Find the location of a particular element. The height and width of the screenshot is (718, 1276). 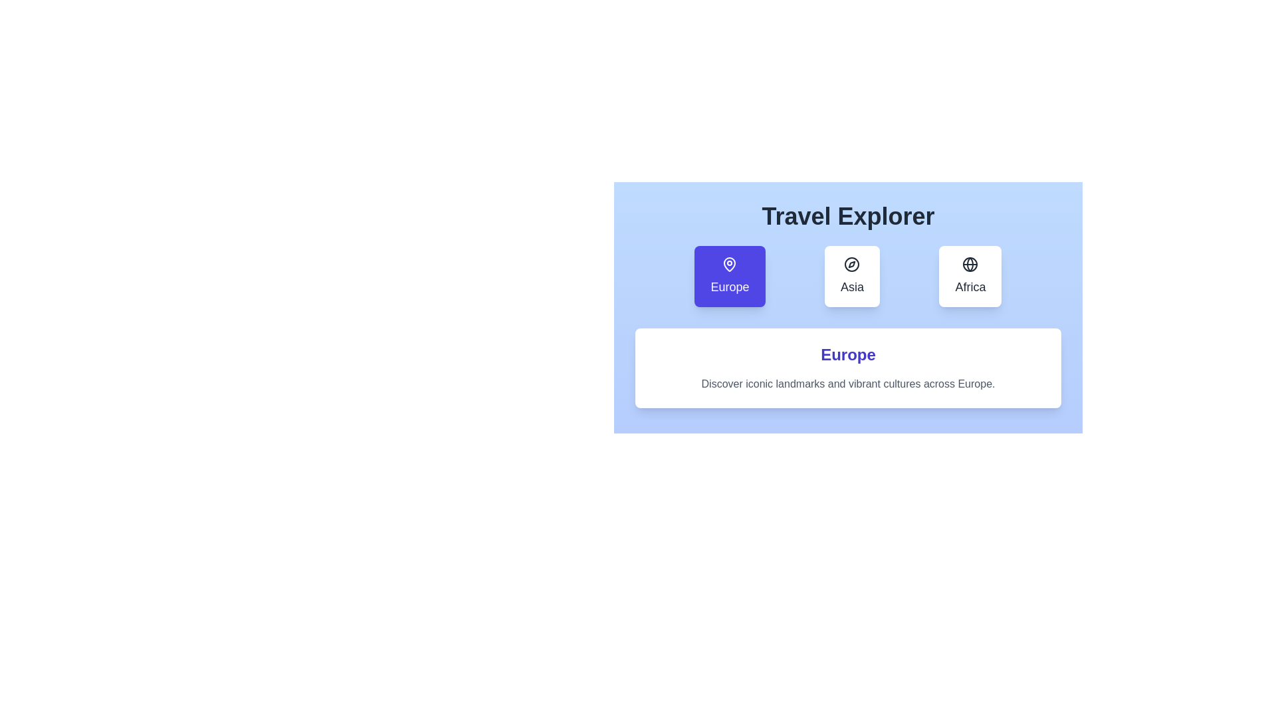

the text that reads 'Discover iconic landmarks and vibrant cultures across Europe.' which is displayed in gray color below the heading 'Europe' within a rounded white box is located at coordinates (847, 384).